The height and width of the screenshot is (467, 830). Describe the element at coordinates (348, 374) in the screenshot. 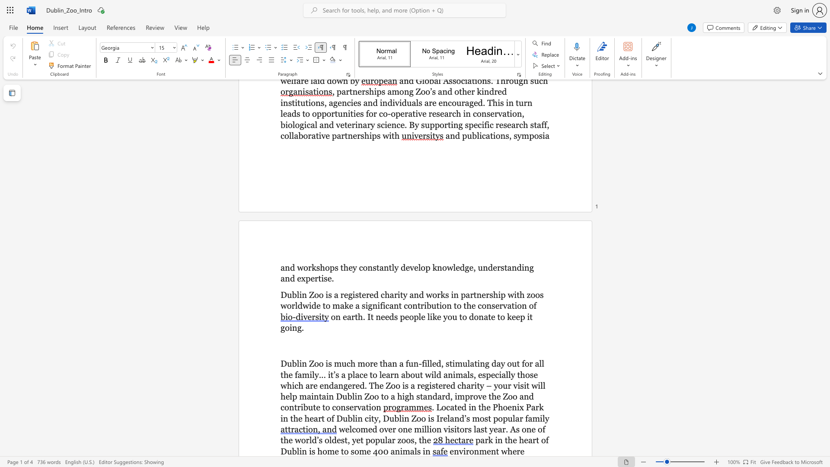

I see `the subset text "place to learn about wild animals, especially those which are endangered. The Zoo is a registered charity – your visit wil" within the text "a place to learn about wild animals, especially those which are endangered. The Zoo is a registered charity – your visit will help"` at that location.